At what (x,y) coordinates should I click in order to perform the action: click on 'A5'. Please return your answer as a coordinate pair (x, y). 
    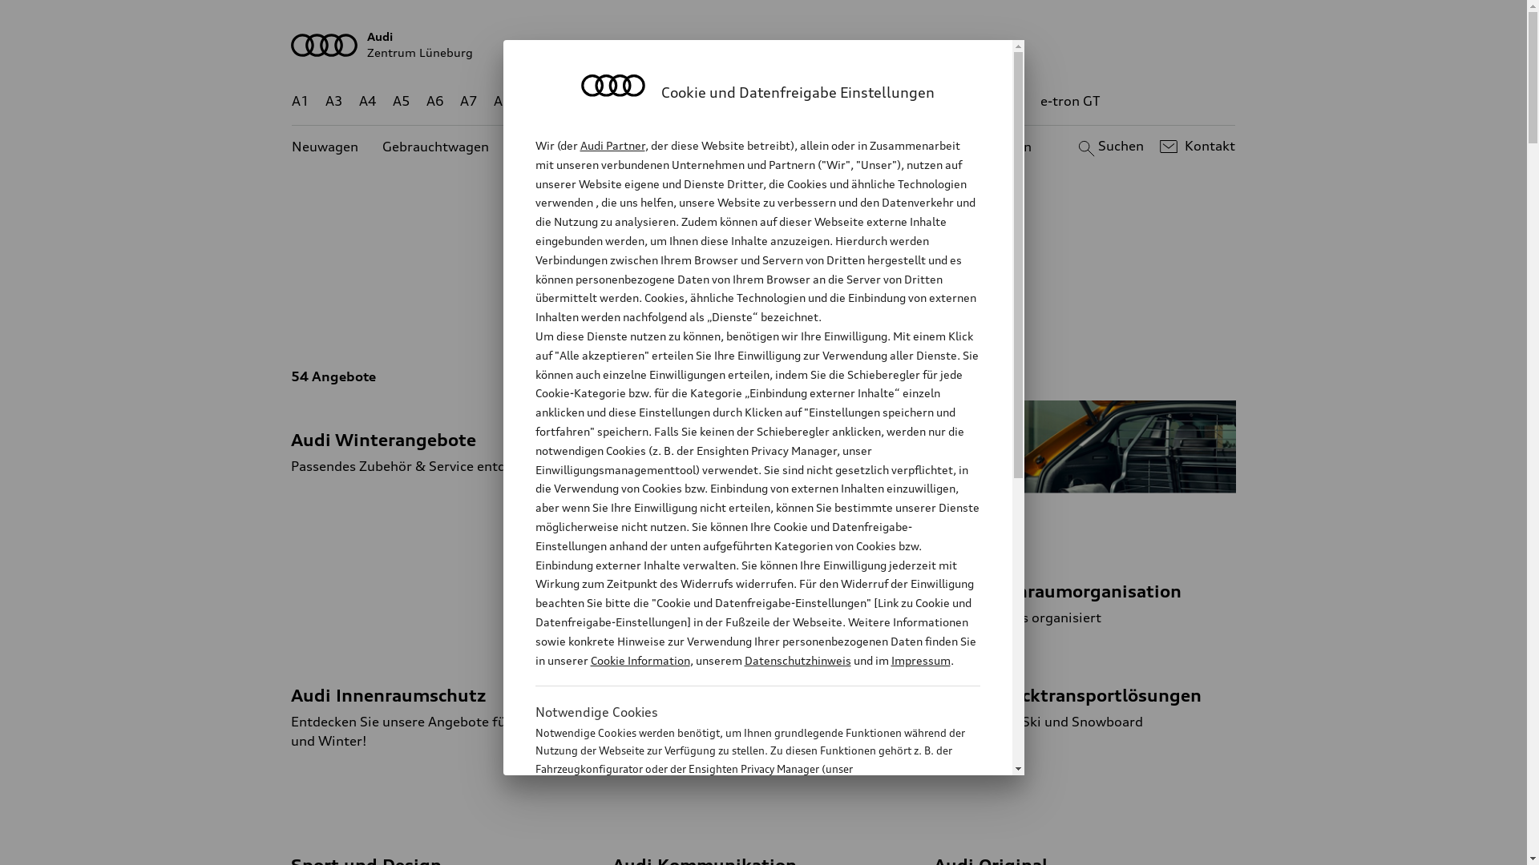
    Looking at the image, I should click on (392, 101).